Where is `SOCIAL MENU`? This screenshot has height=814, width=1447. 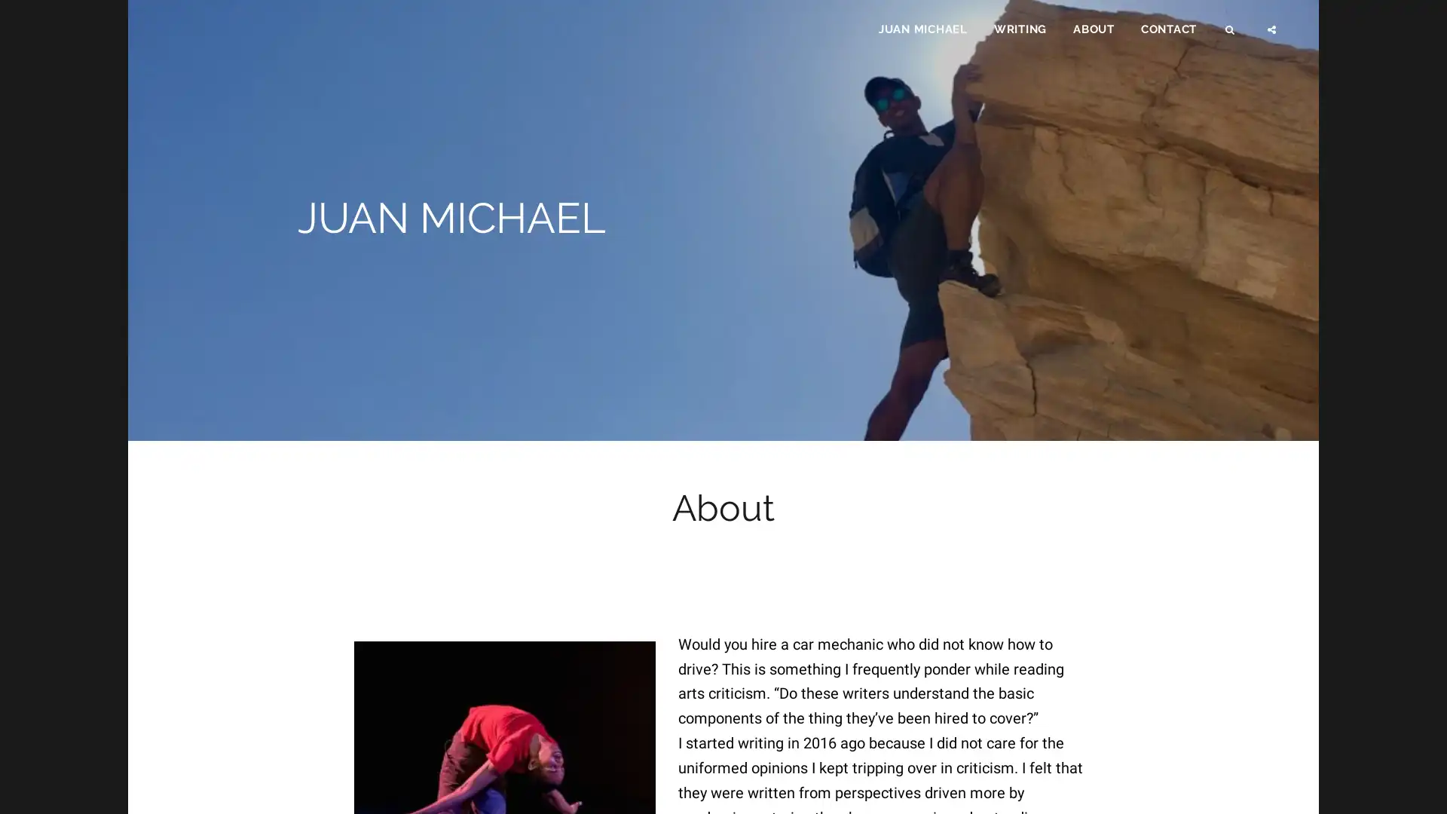
SOCIAL MENU is located at coordinates (1272, 35).